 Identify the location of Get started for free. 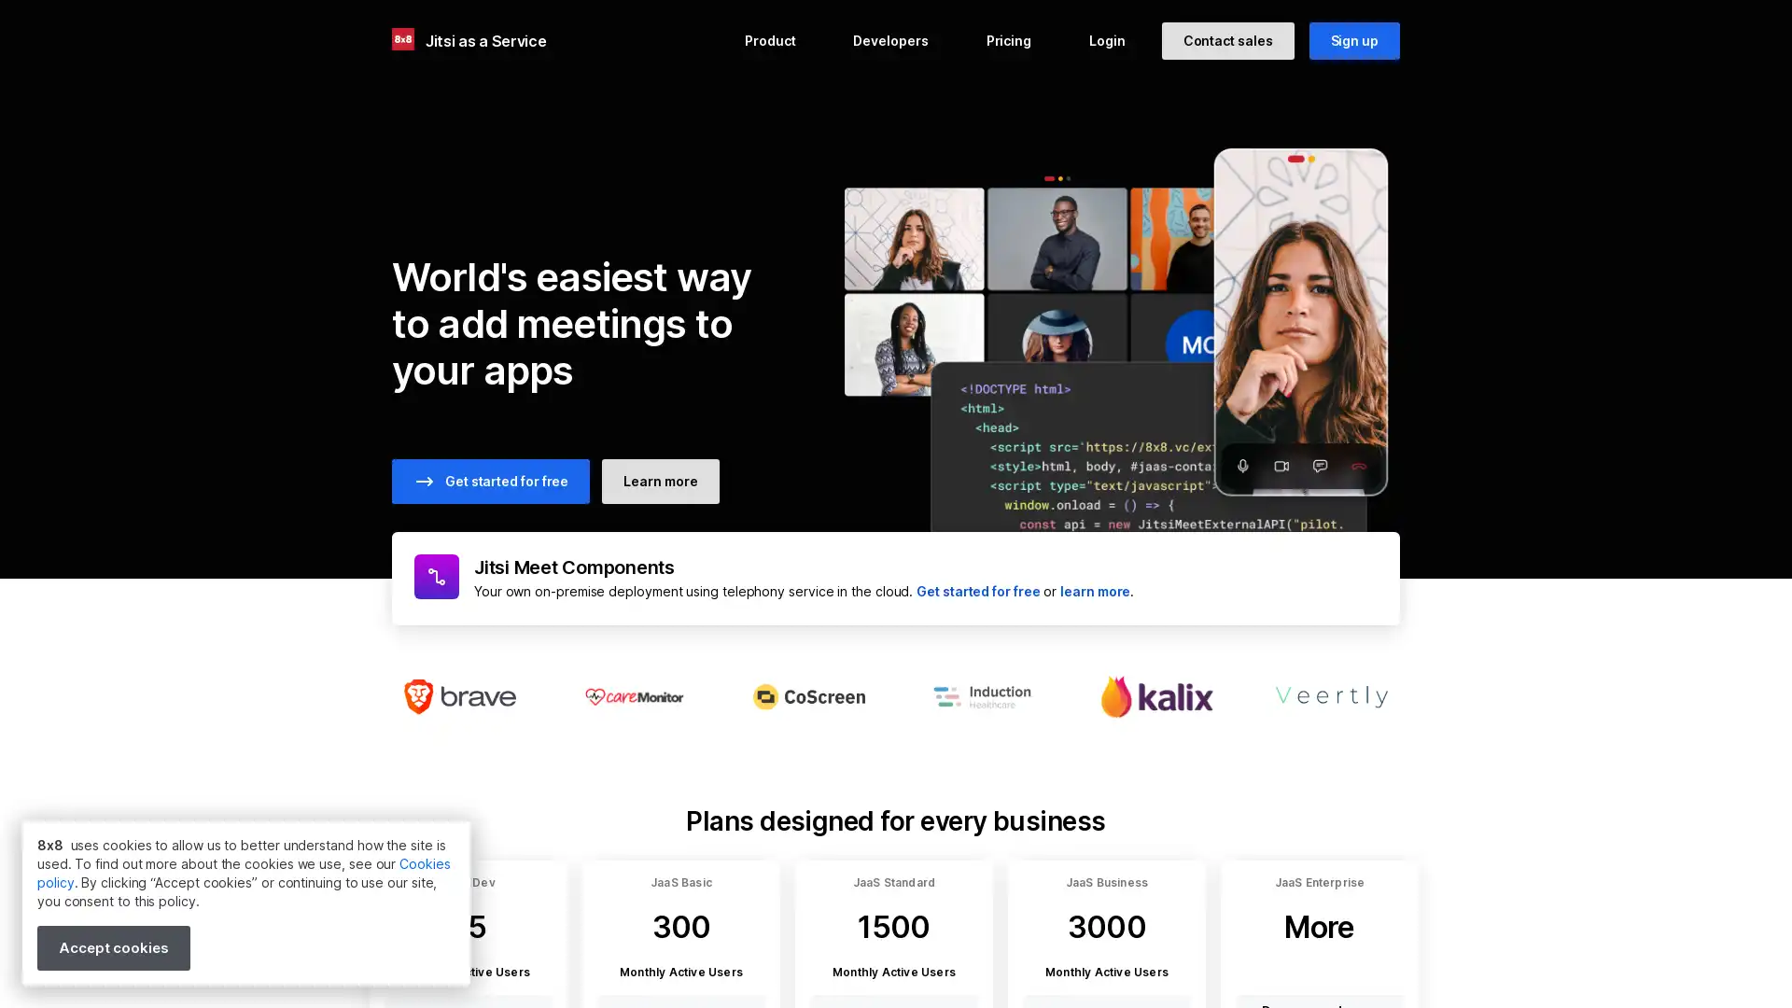
(491, 481).